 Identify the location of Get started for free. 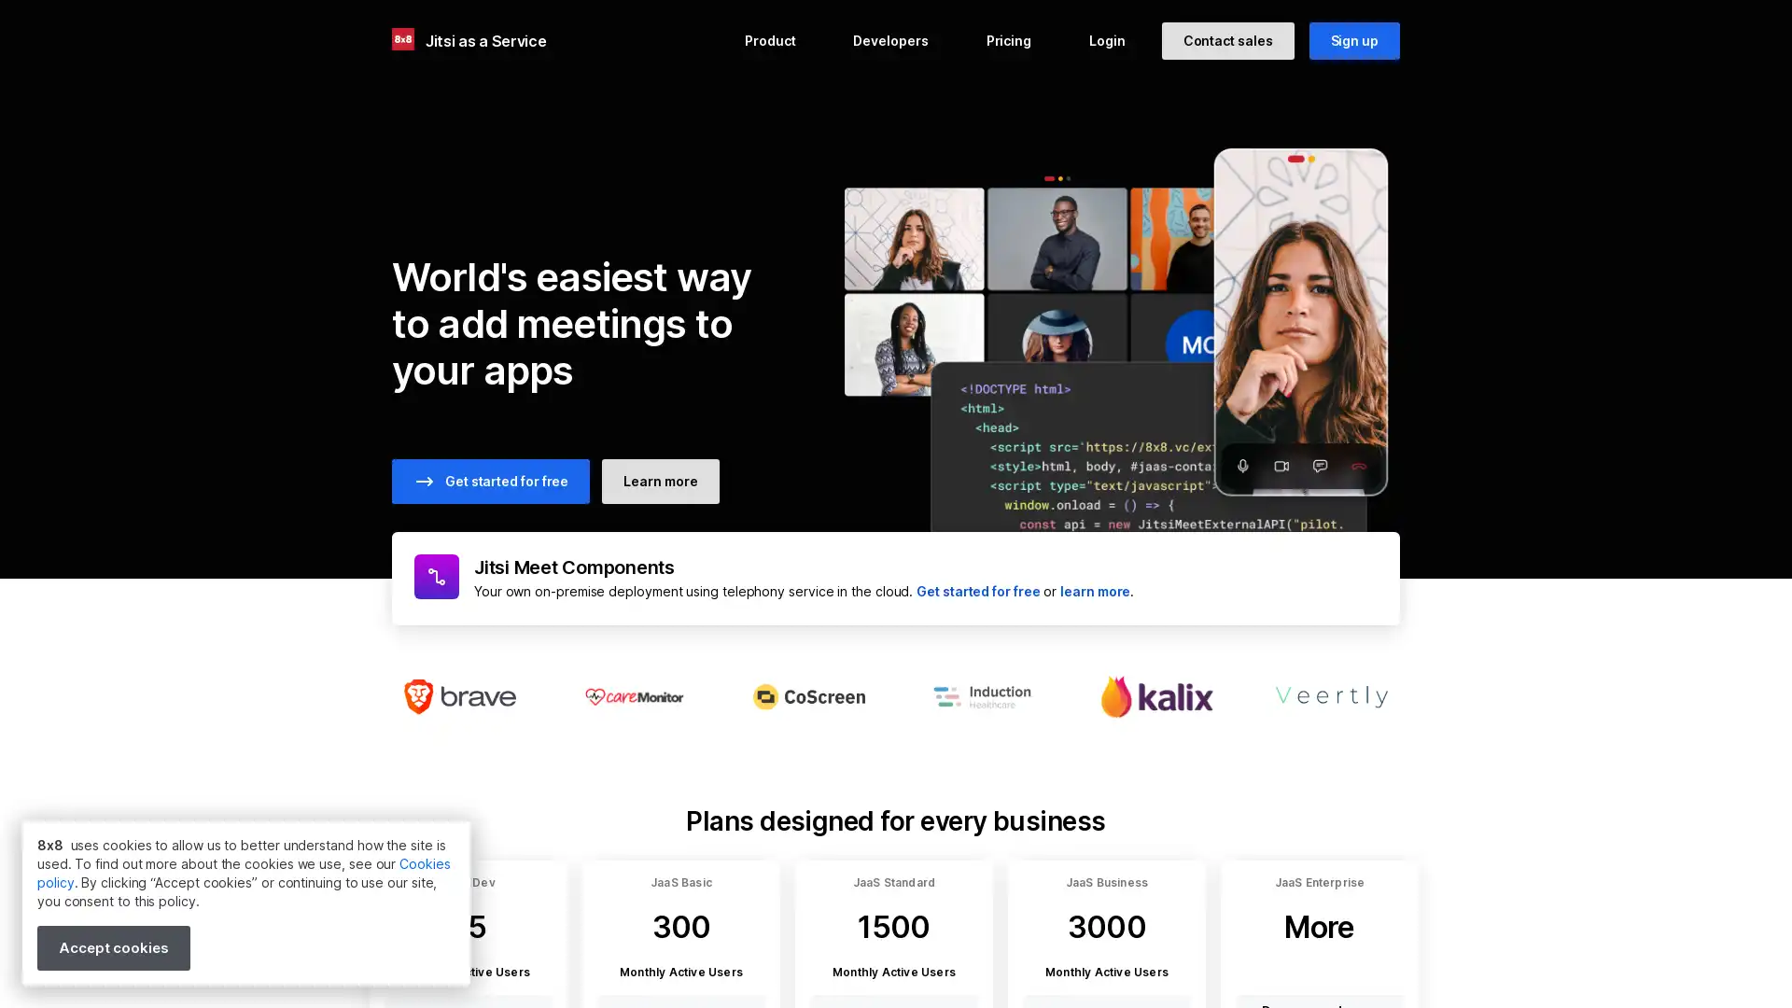
(491, 481).